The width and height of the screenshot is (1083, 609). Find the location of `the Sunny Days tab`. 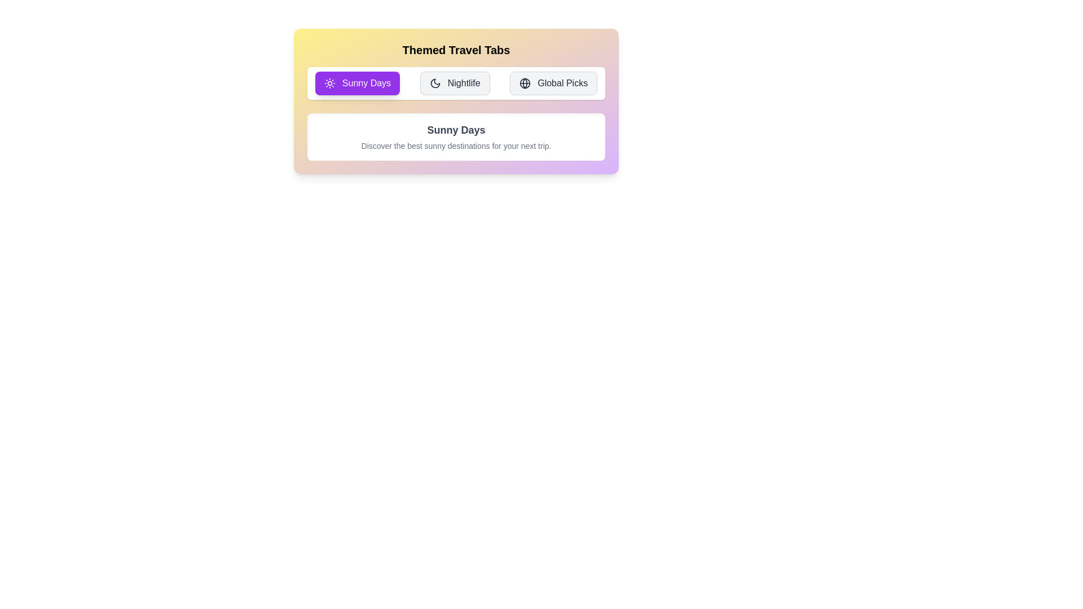

the Sunny Days tab is located at coordinates (356, 82).